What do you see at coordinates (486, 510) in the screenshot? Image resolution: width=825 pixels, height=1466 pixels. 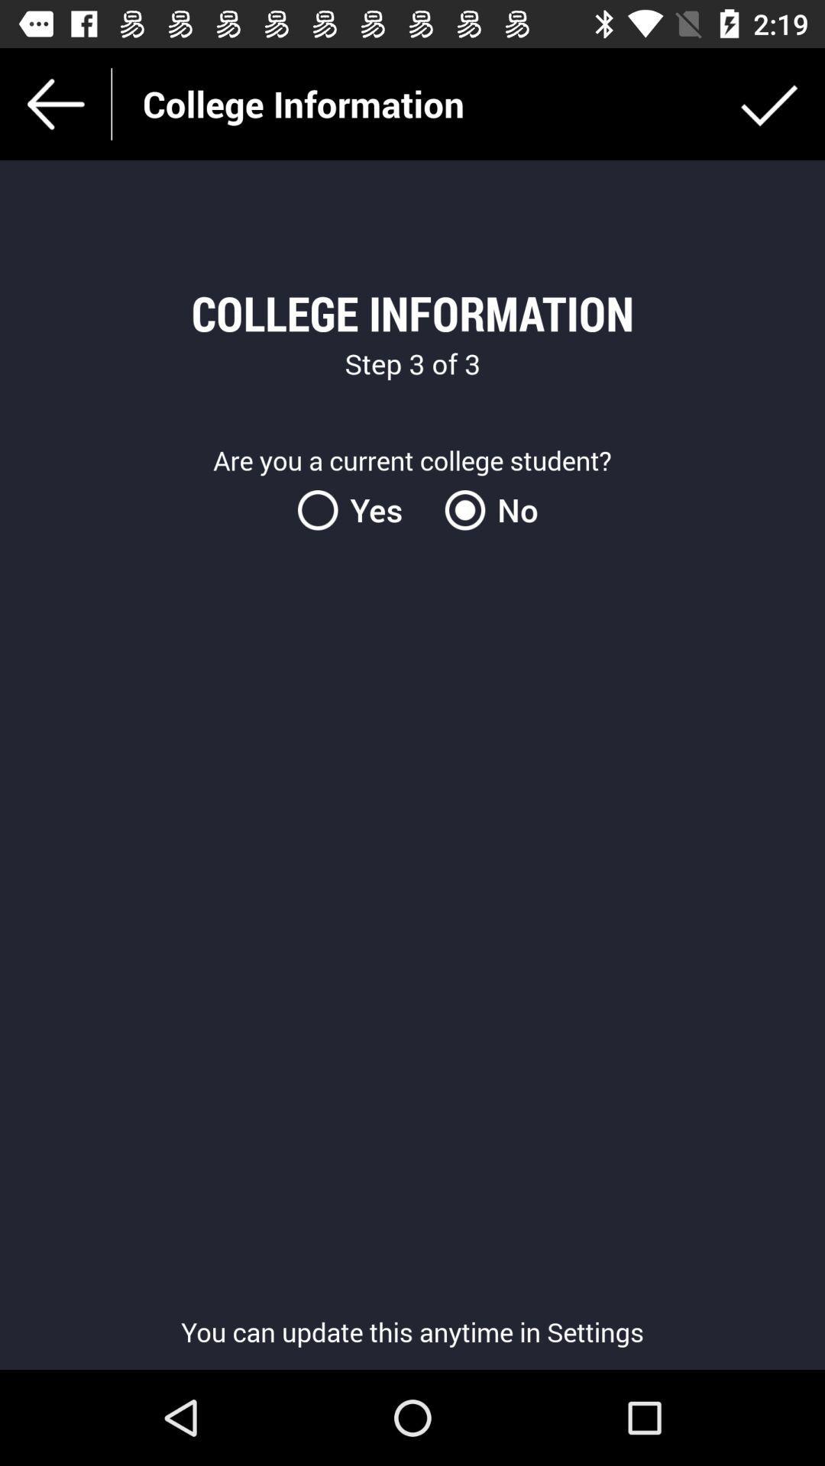 I see `no item` at bounding box center [486, 510].